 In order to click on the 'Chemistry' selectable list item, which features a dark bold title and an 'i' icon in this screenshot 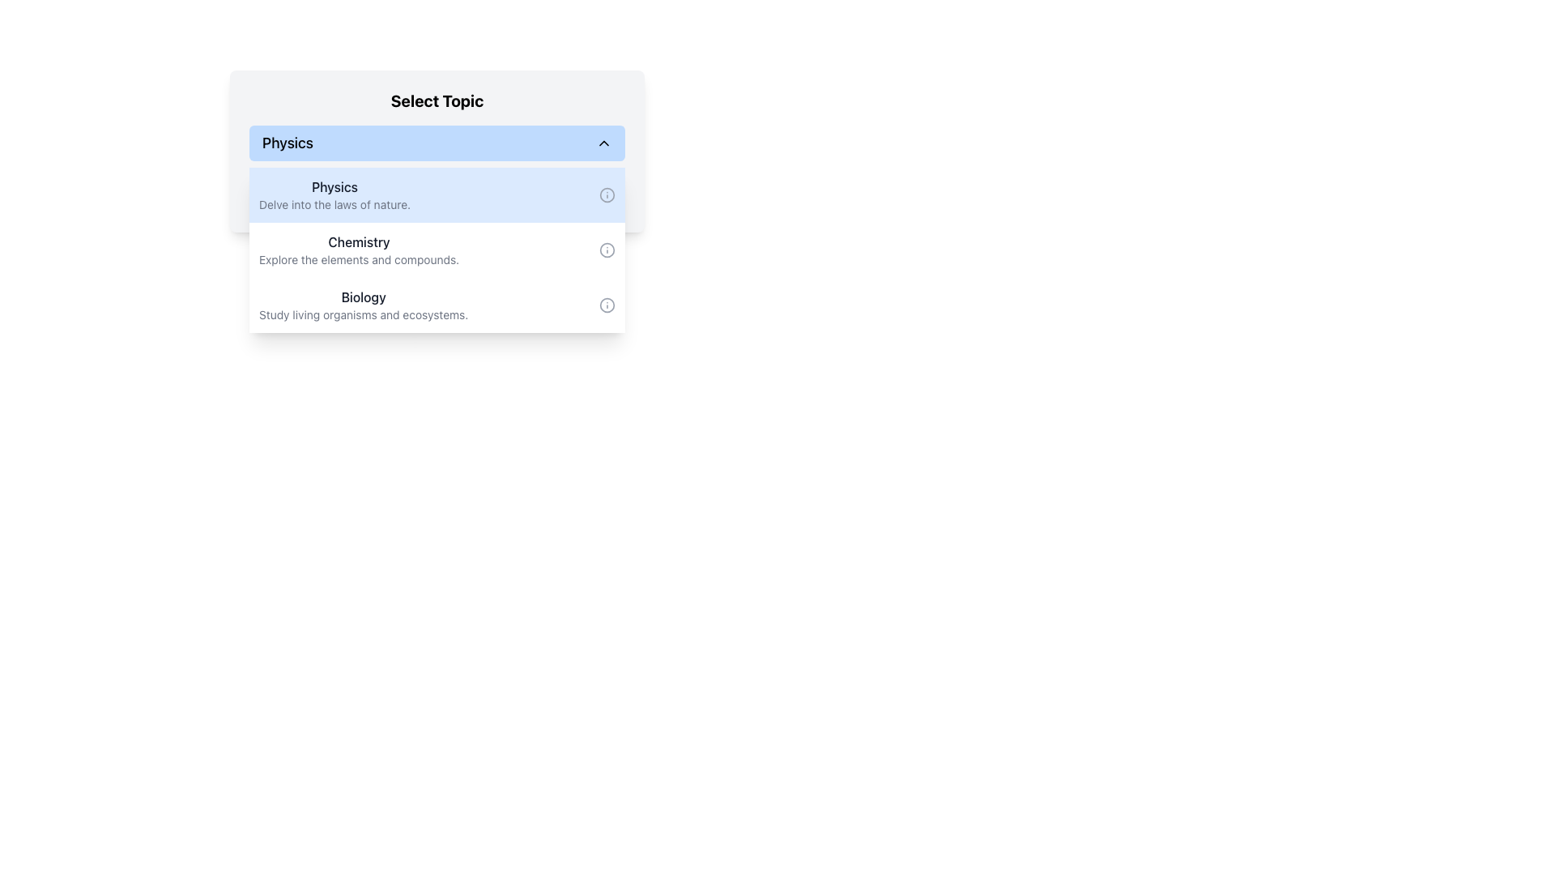, I will do `click(437, 250)`.